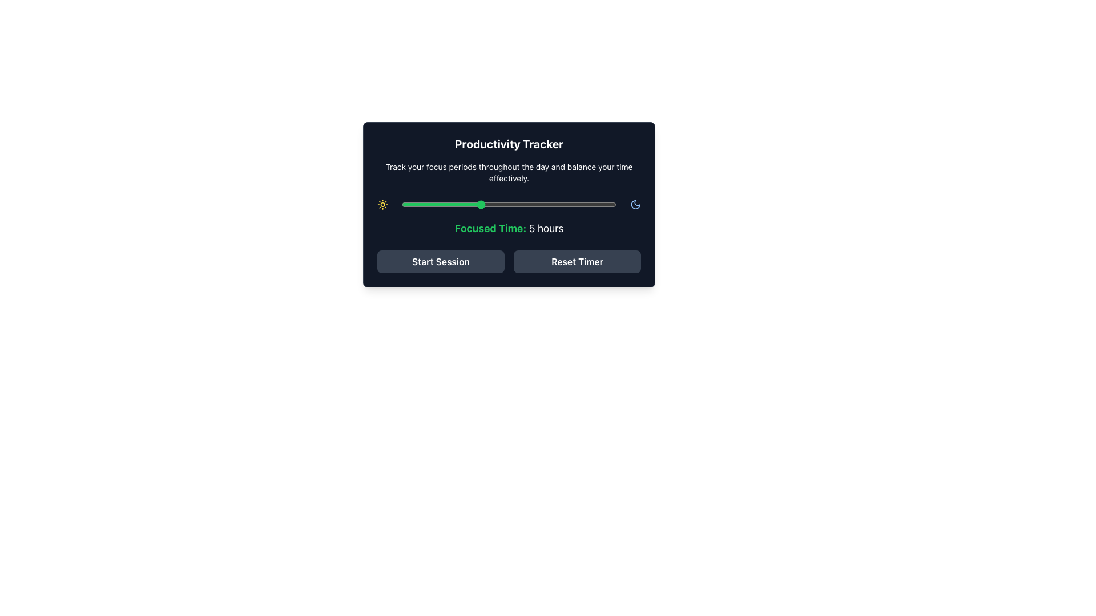  What do you see at coordinates (509, 204) in the screenshot?
I see `the horizontal range slider located in the productivity tracker card interface` at bounding box center [509, 204].